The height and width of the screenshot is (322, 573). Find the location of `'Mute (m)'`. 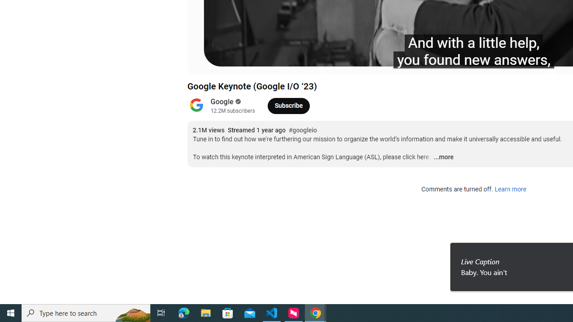

'Mute (m)' is located at coordinates (245, 63).